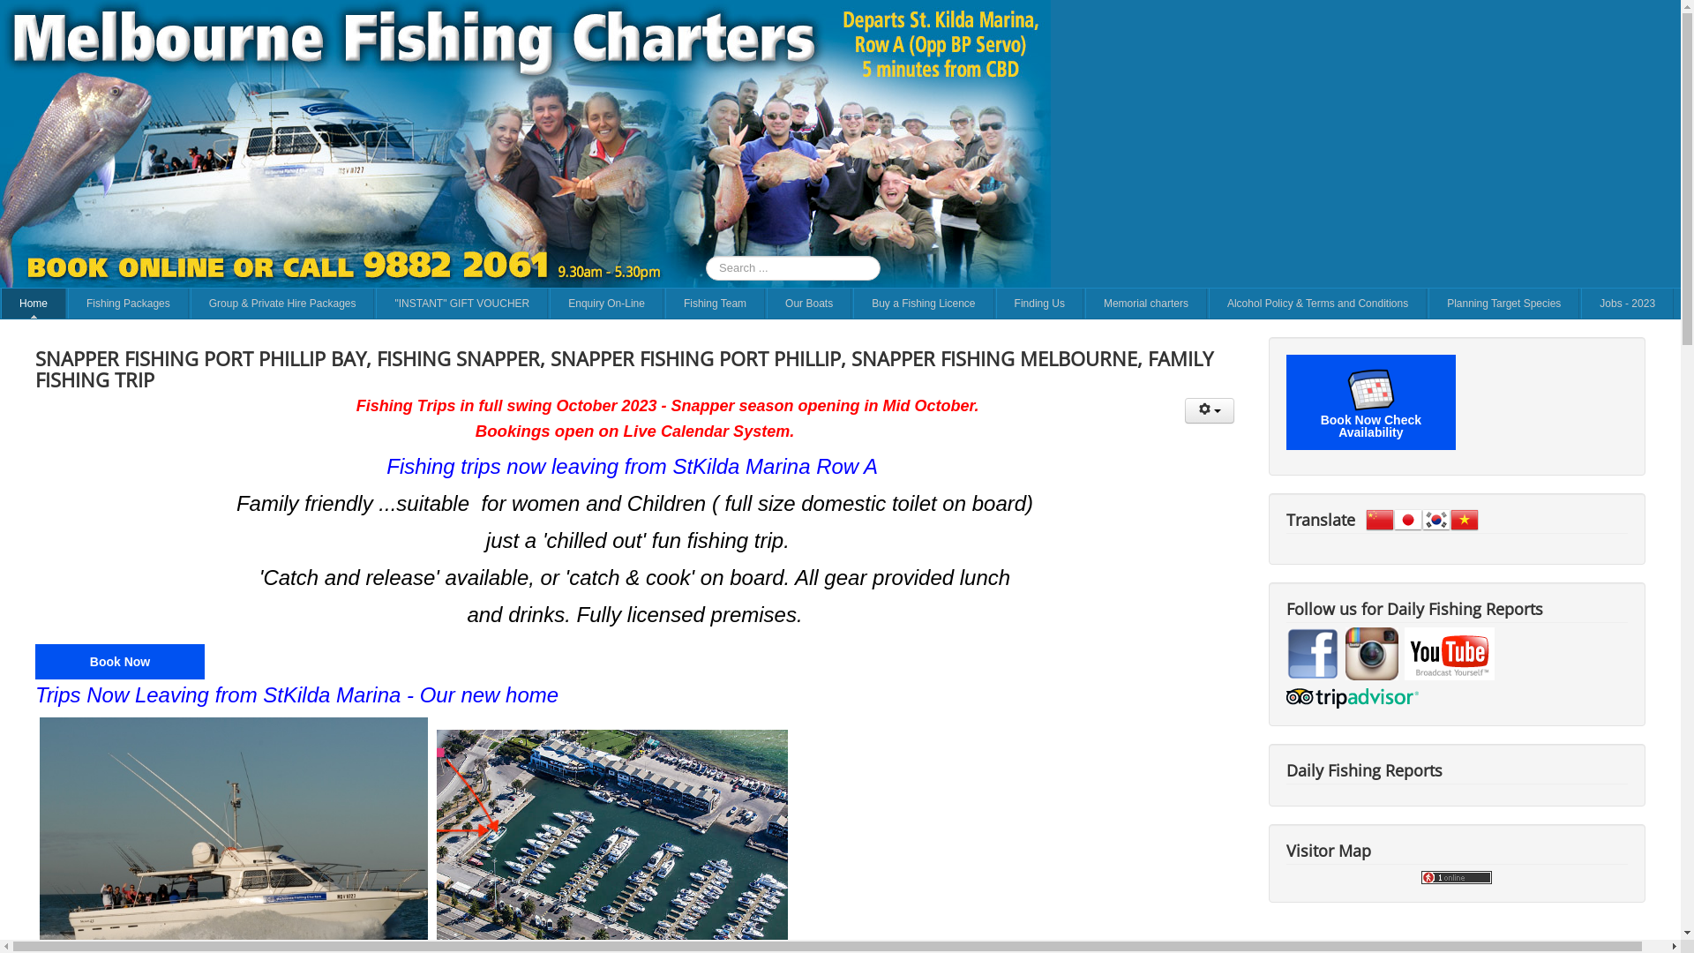 The image size is (1694, 953). Describe the element at coordinates (606, 302) in the screenshot. I see `'Enquiry On-Line'` at that location.